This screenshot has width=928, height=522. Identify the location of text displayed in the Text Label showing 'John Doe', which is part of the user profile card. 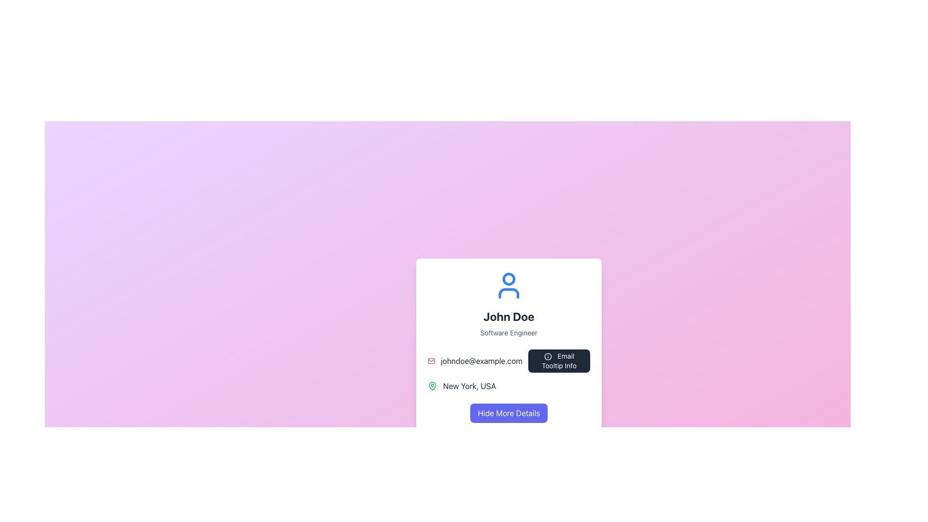
(508, 317).